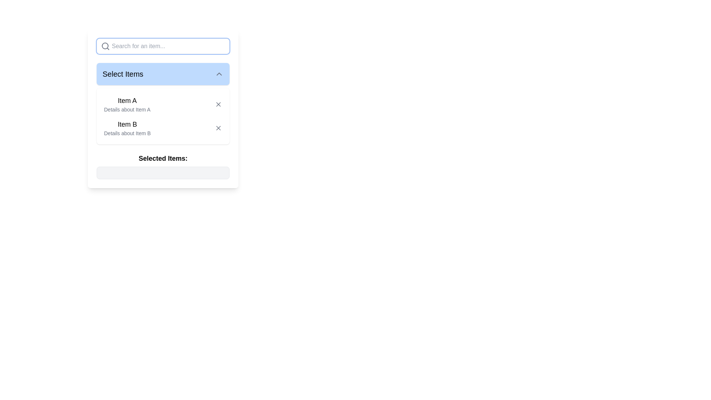 This screenshot has width=711, height=400. Describe the element at coordinates (218, 74) in the screenshot. I see `the Icon button located to the right-hand side of the blue highlighted 'Select Items' selection box` at that location.